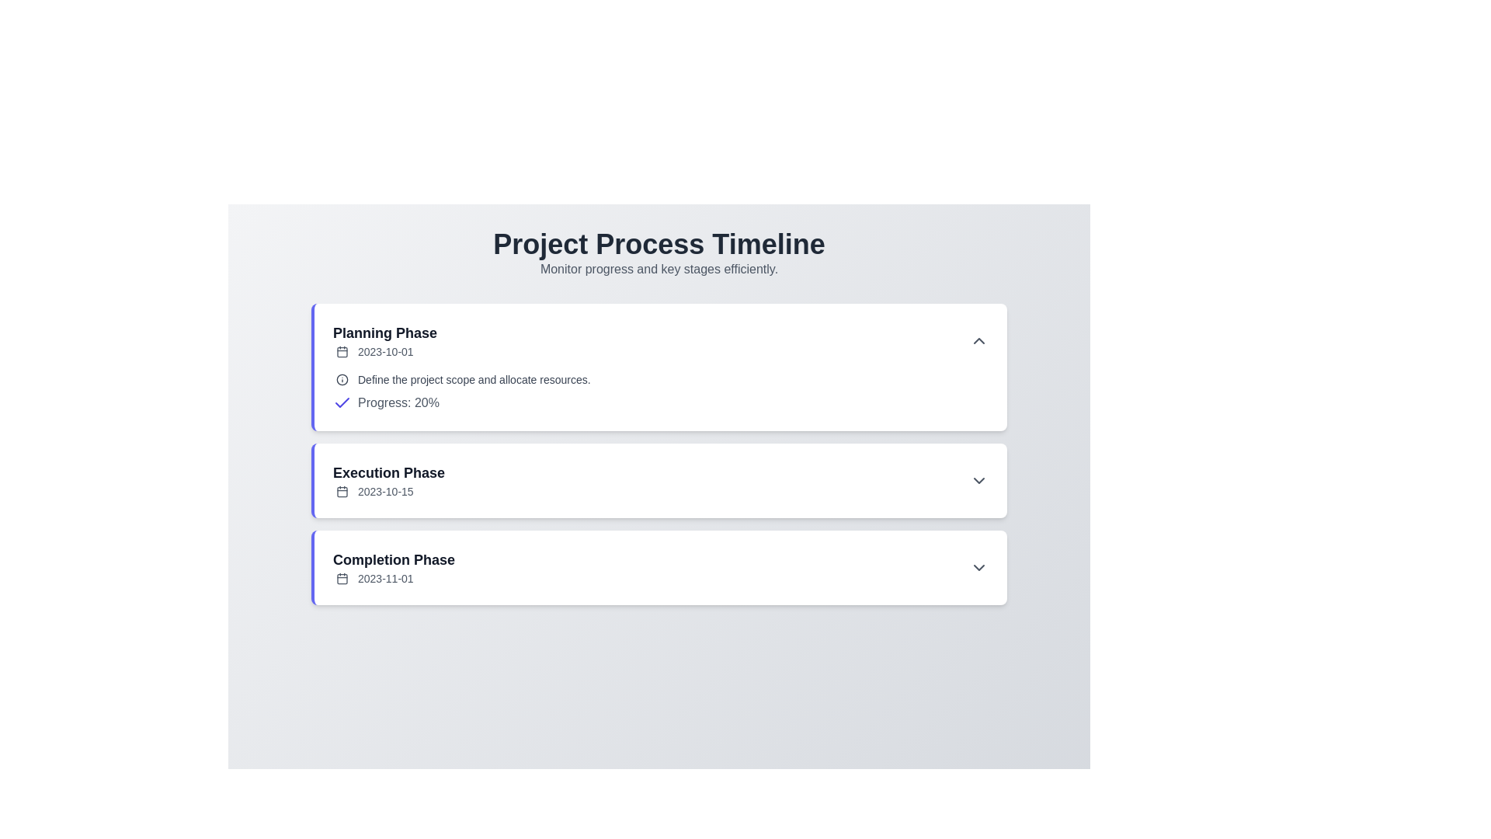 The width and height of the screenshot is (1491, 839). I want to click on the Calendar Icon located to the left of the date '2023-10-15' in the 'Execution Phase' section, which serves as a decorative and functional marker for time-related information, so click(342, 491).